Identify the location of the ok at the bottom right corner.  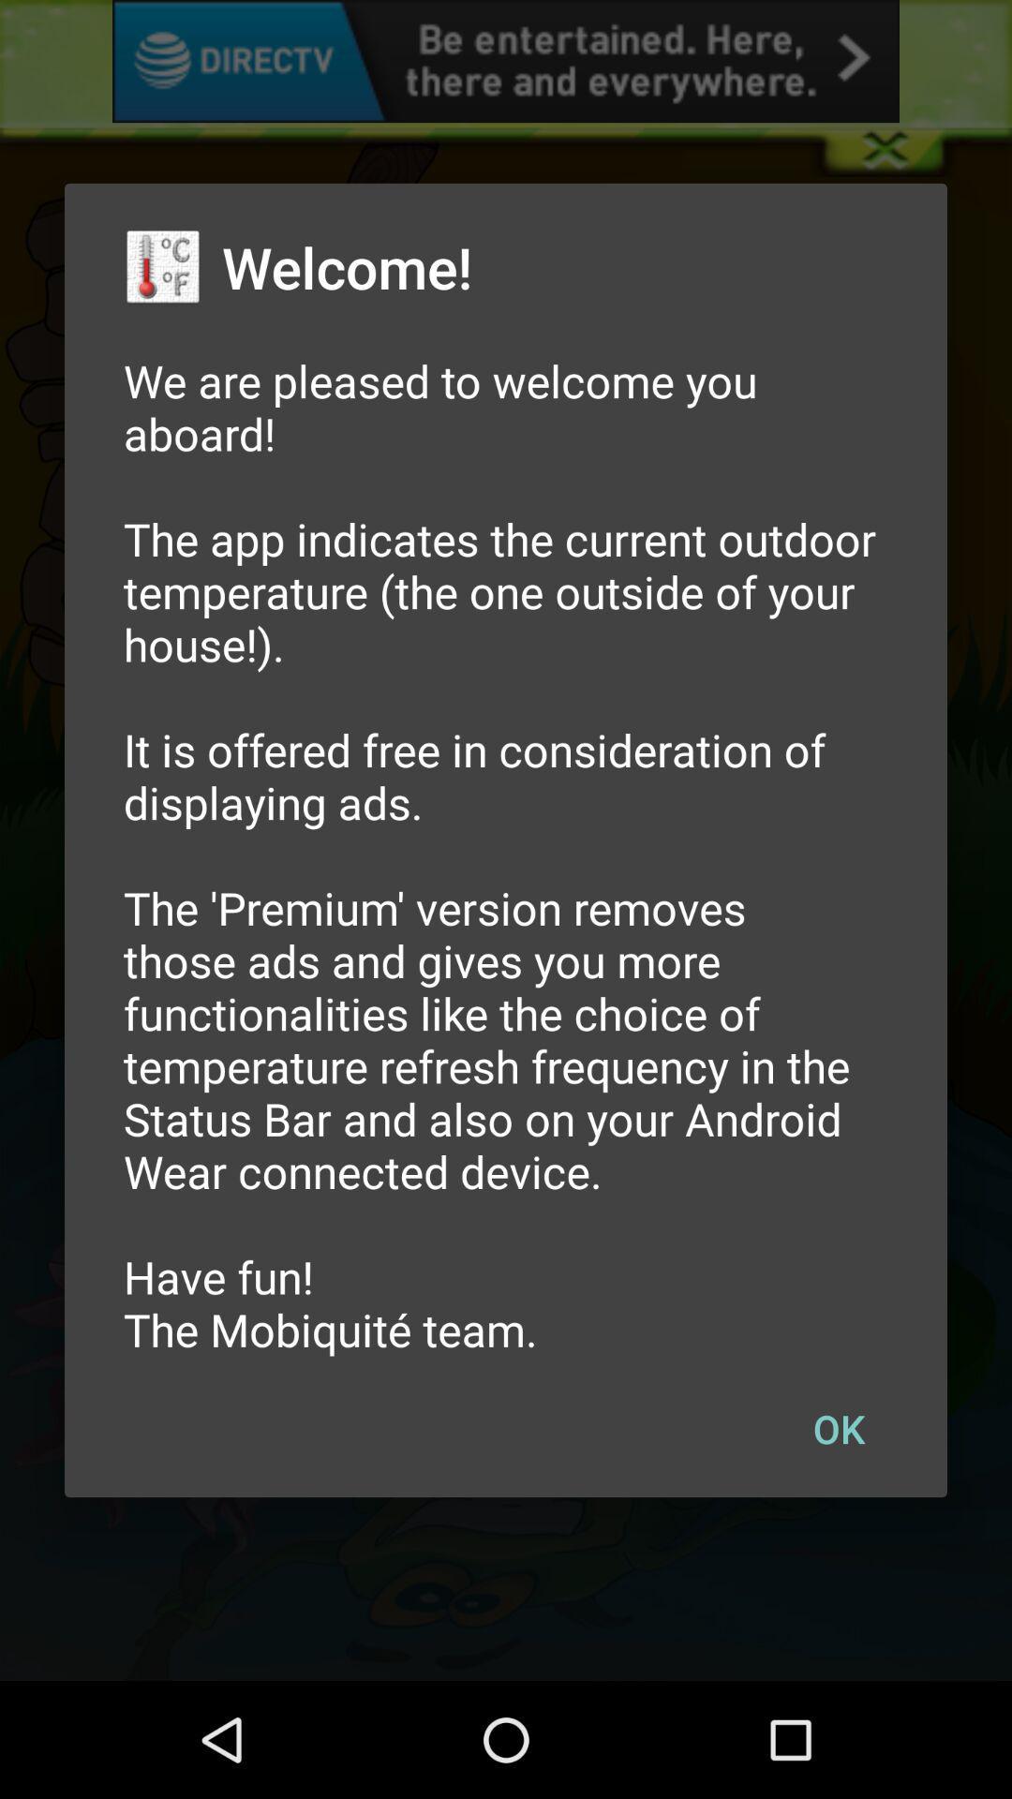
(838, 1427).